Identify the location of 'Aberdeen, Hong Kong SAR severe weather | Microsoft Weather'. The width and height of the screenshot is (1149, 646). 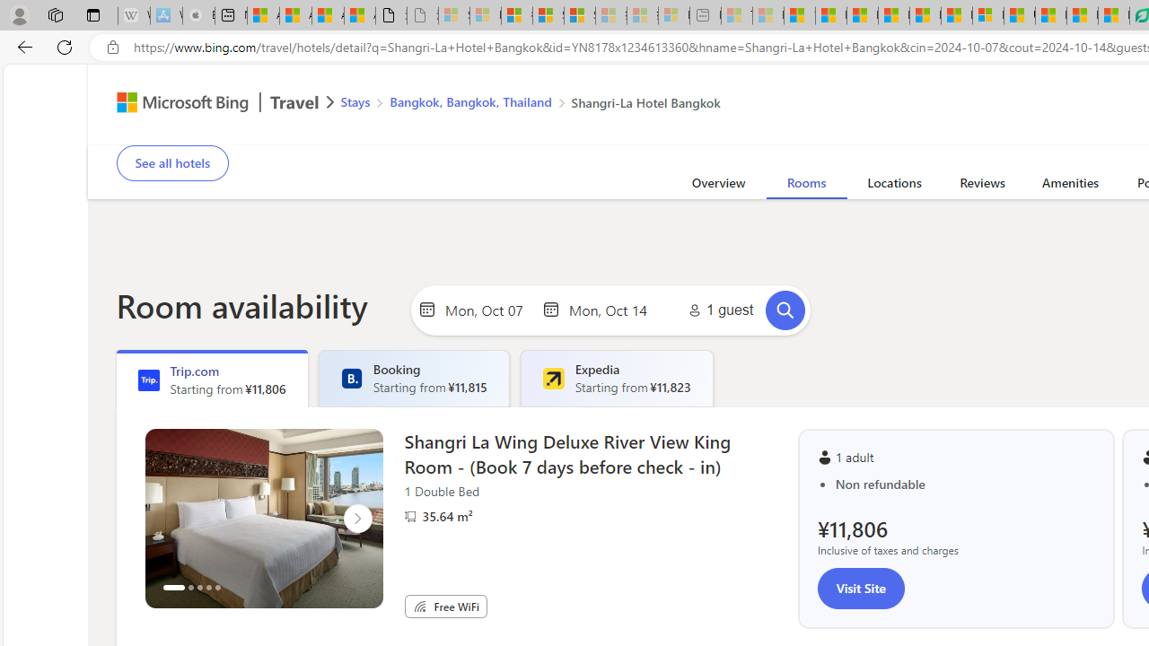
(359, 15).